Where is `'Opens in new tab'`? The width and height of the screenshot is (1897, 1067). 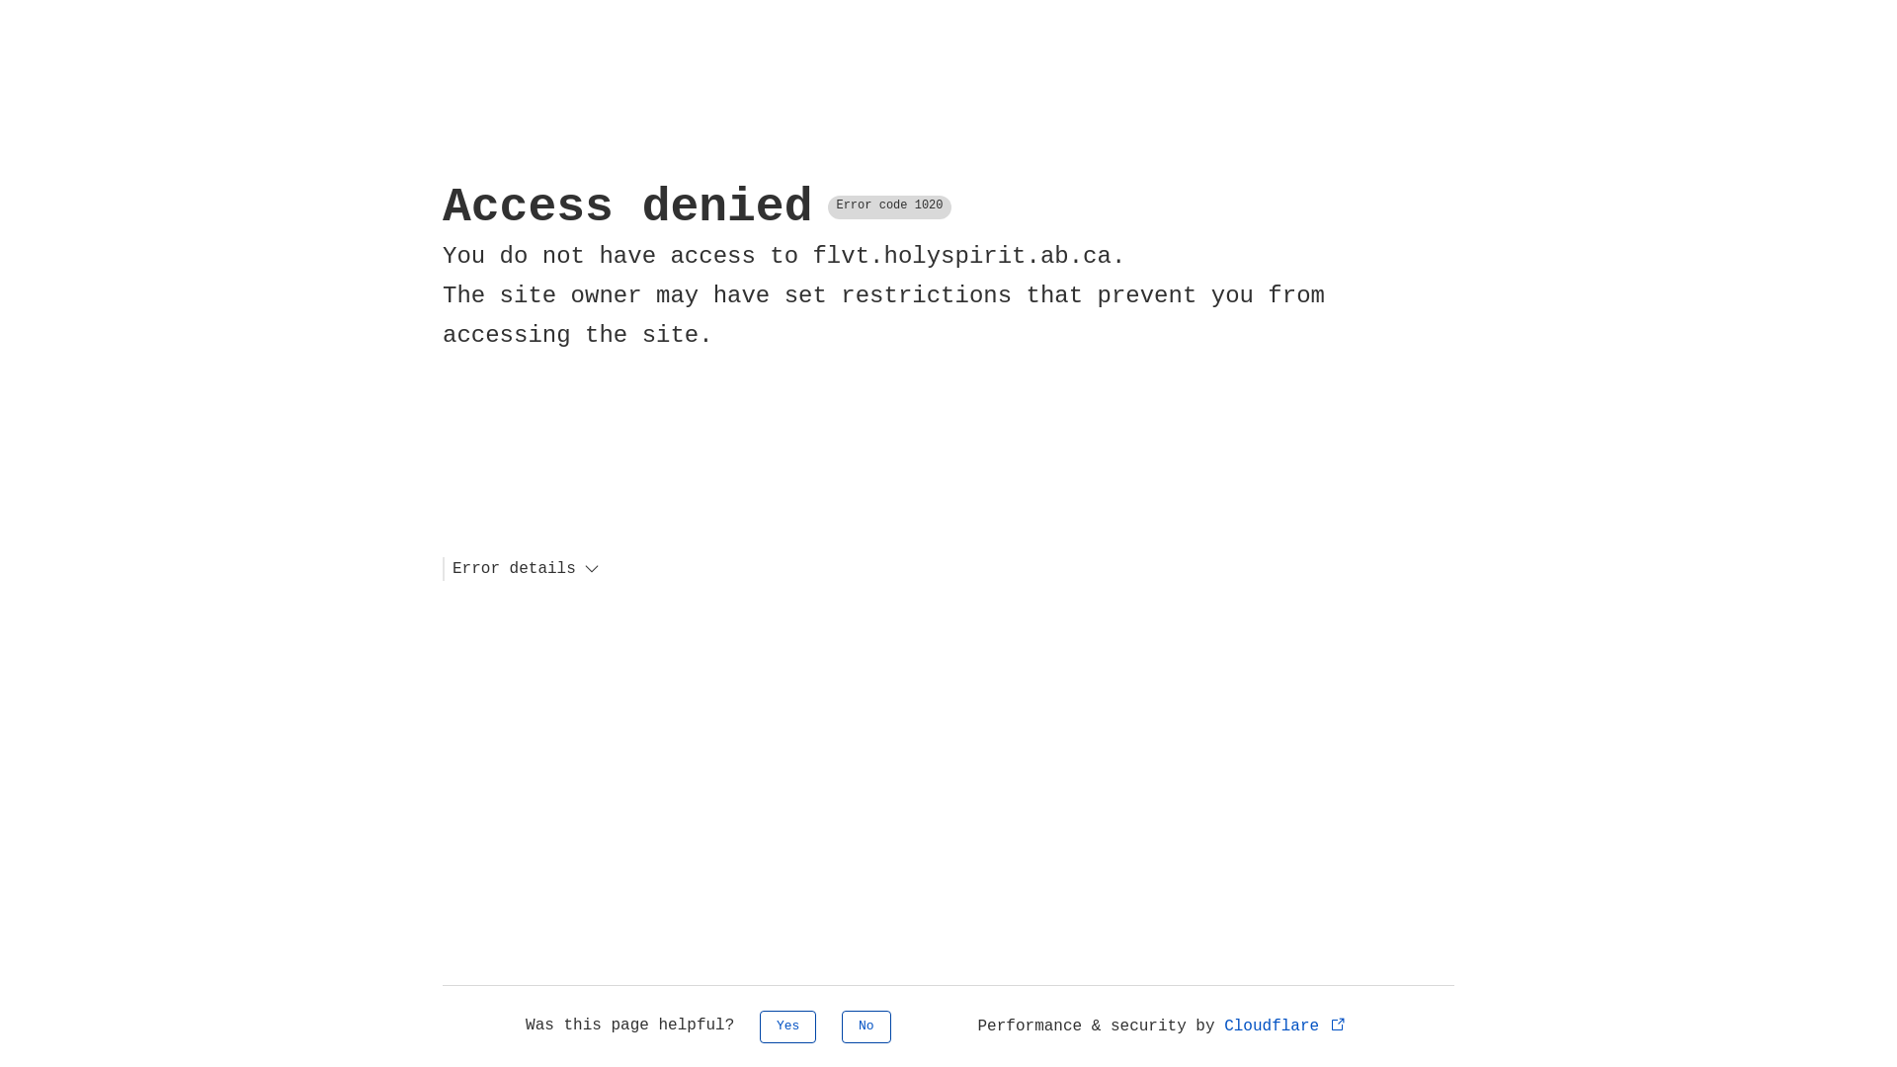 'Opens in new tab' is located at coordinates (1338, 1023).